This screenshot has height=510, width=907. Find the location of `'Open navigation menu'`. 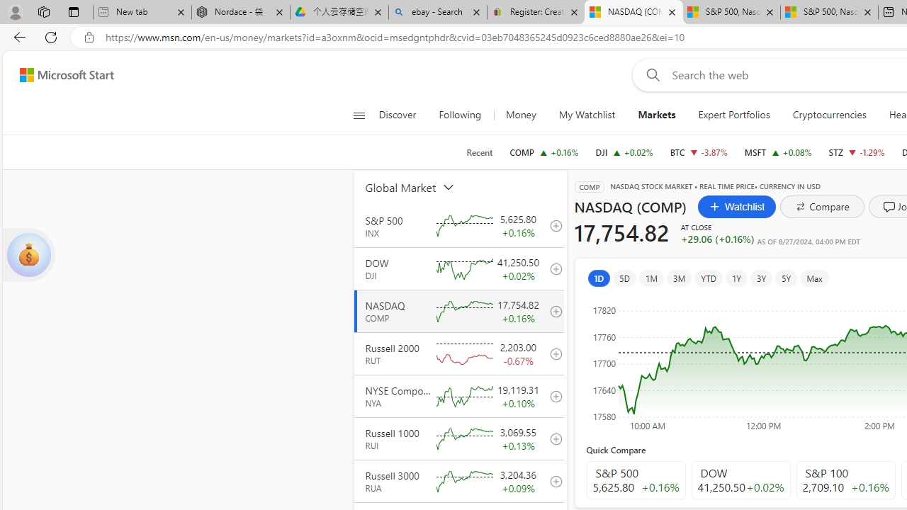

'Open navigation menu' is located at coordinates (359, 115).